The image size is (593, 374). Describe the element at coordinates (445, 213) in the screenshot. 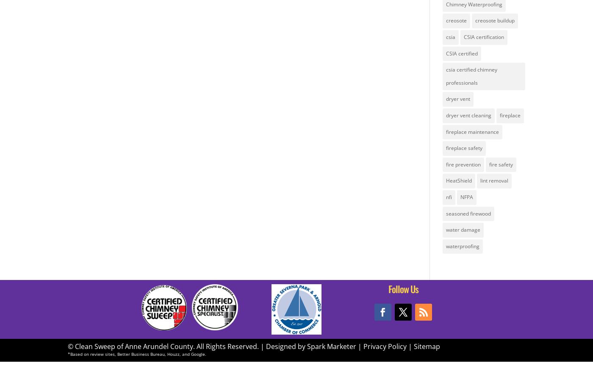

I see `'seasoned firewood'` at that location.